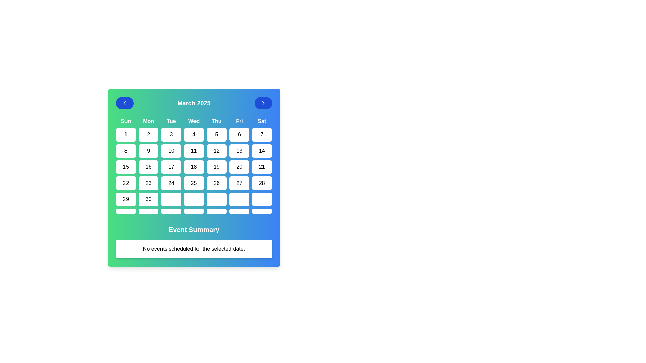 The width and height of the screenshot is (646, 363). Describe the element at coordinates (216, 135) in the screenshot. I see `the small rectangular button with rounded corners containing the text '5' in black, located in the first row and fifth column of the calendar grid under the 'Thu' column heading` at that location.